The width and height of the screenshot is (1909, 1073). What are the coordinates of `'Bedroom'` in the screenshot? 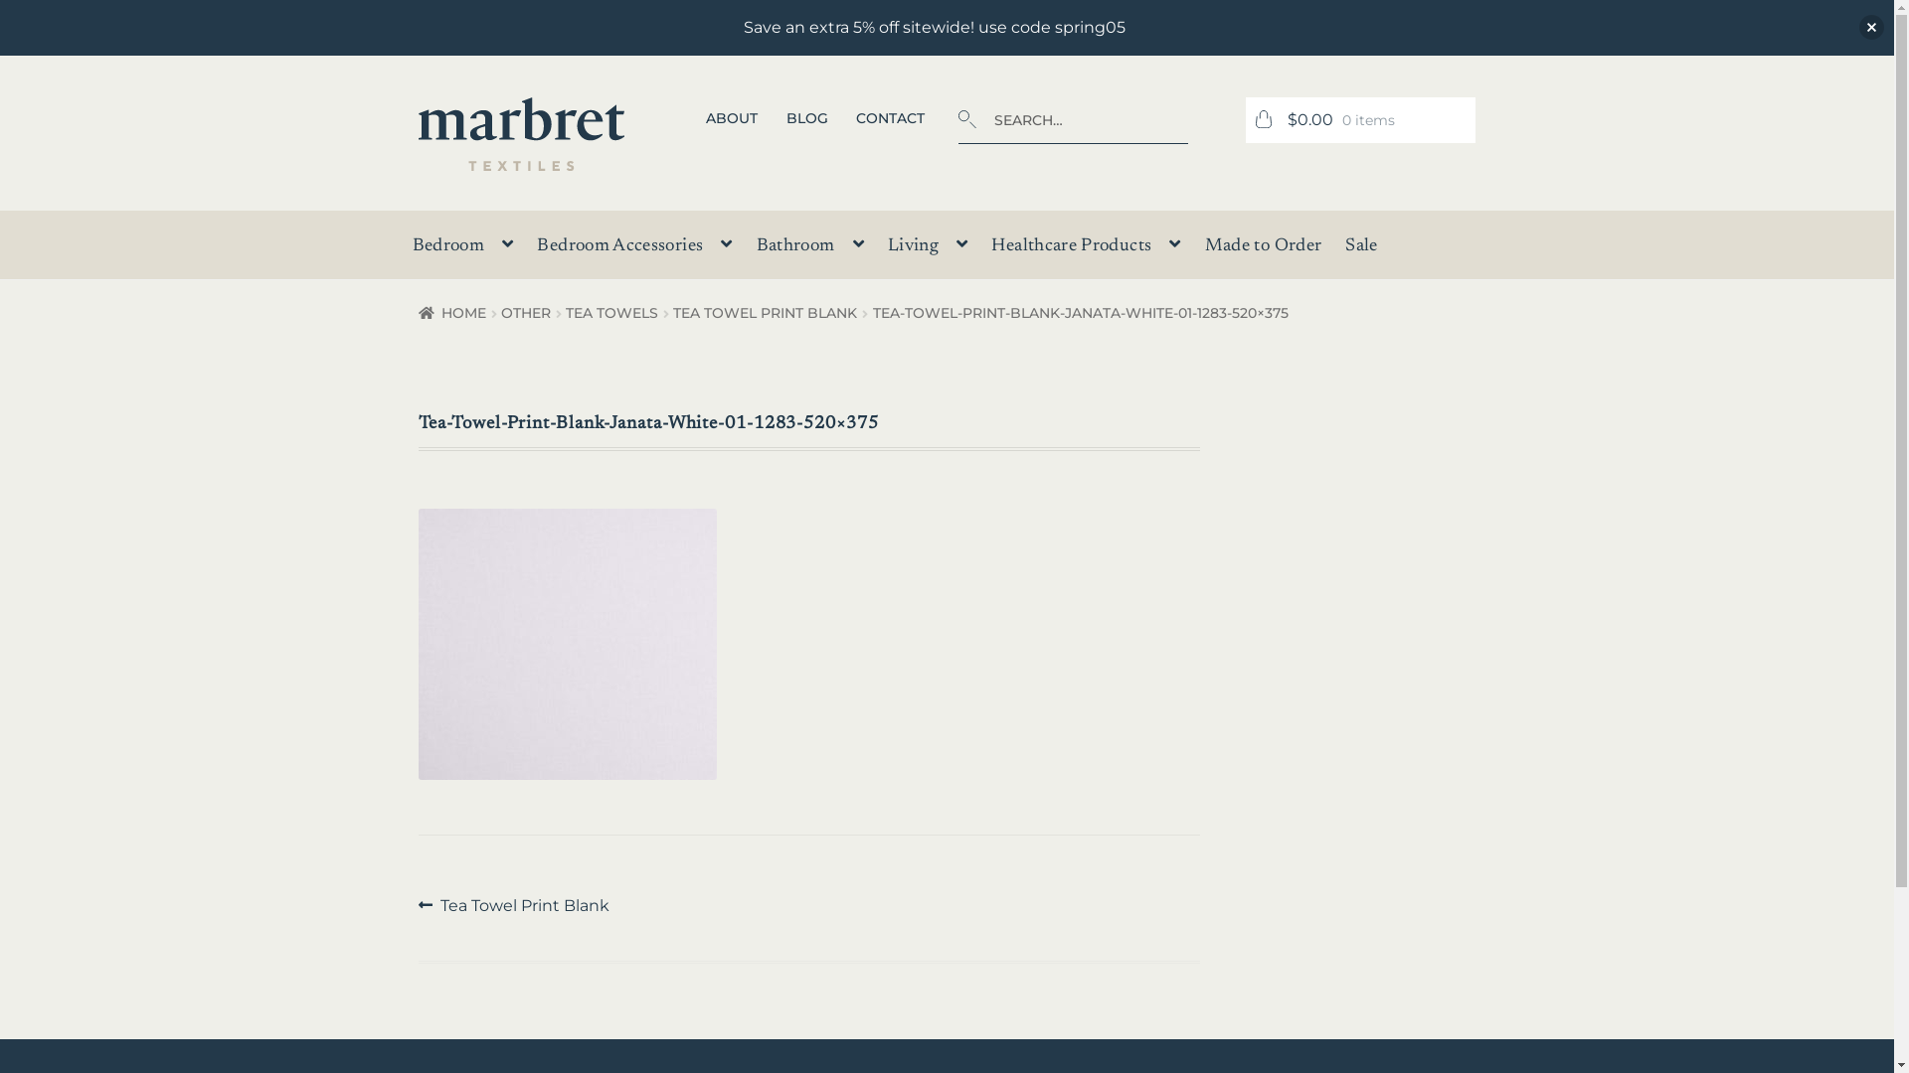 It's located at (461, 248).